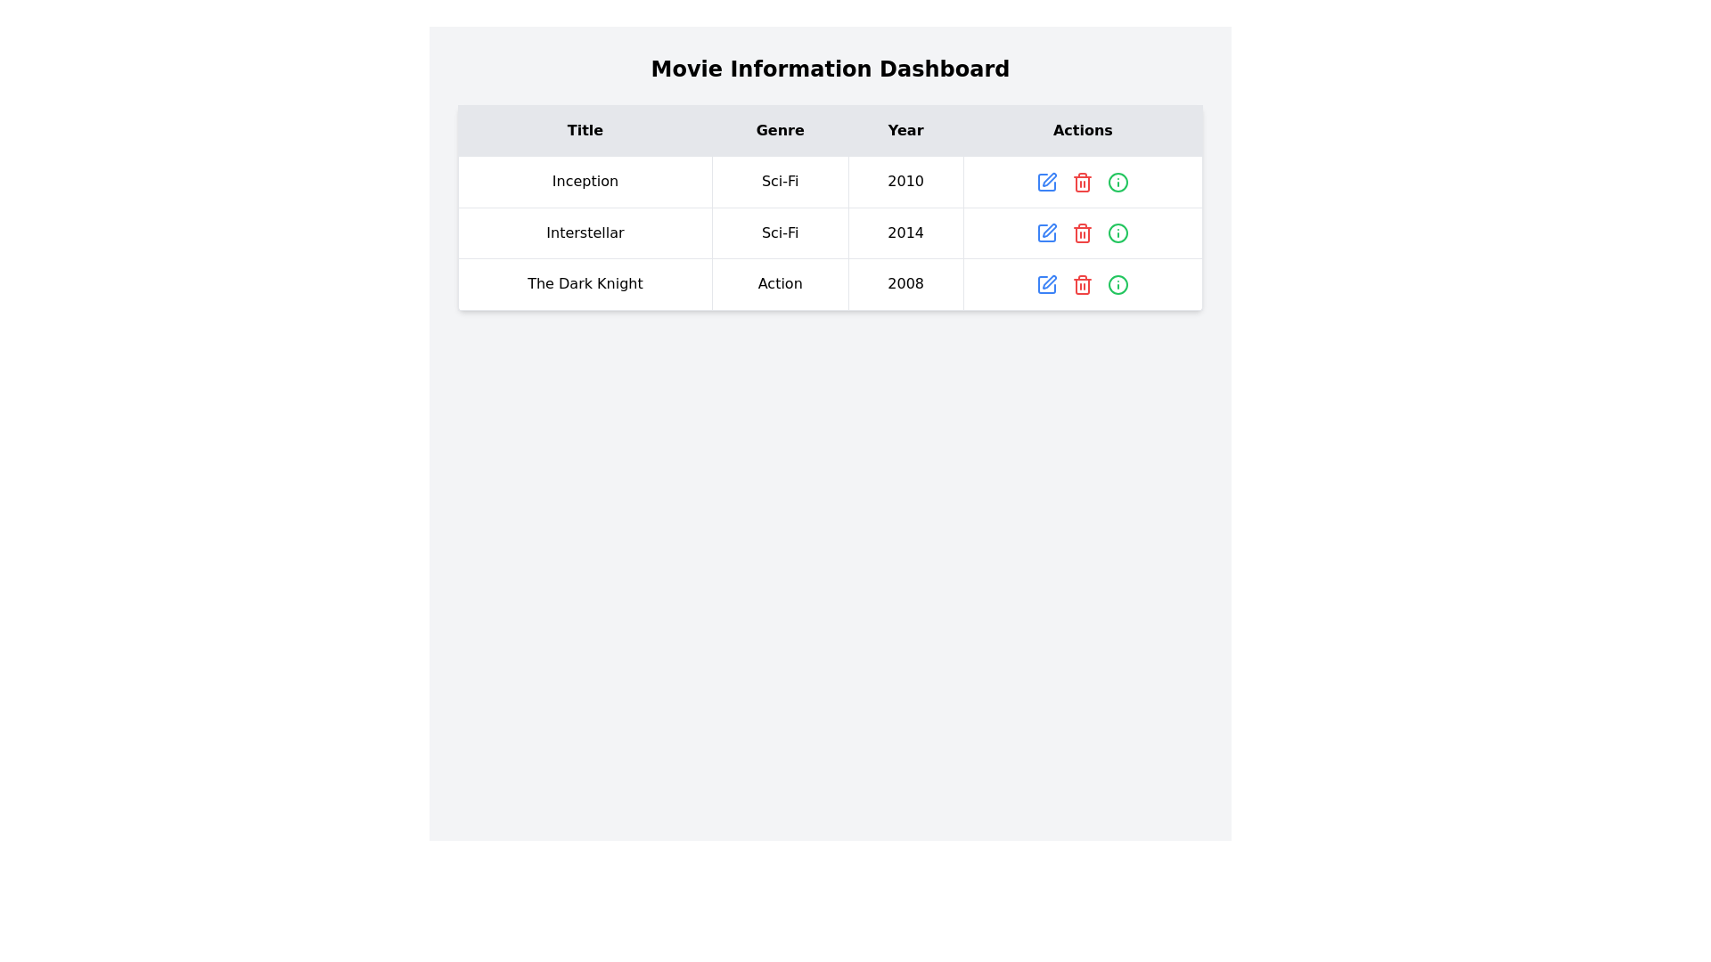  I want to click on the SVG-based info icon located in the second row of the 'Actions' column of the table, so click(1117, 232).